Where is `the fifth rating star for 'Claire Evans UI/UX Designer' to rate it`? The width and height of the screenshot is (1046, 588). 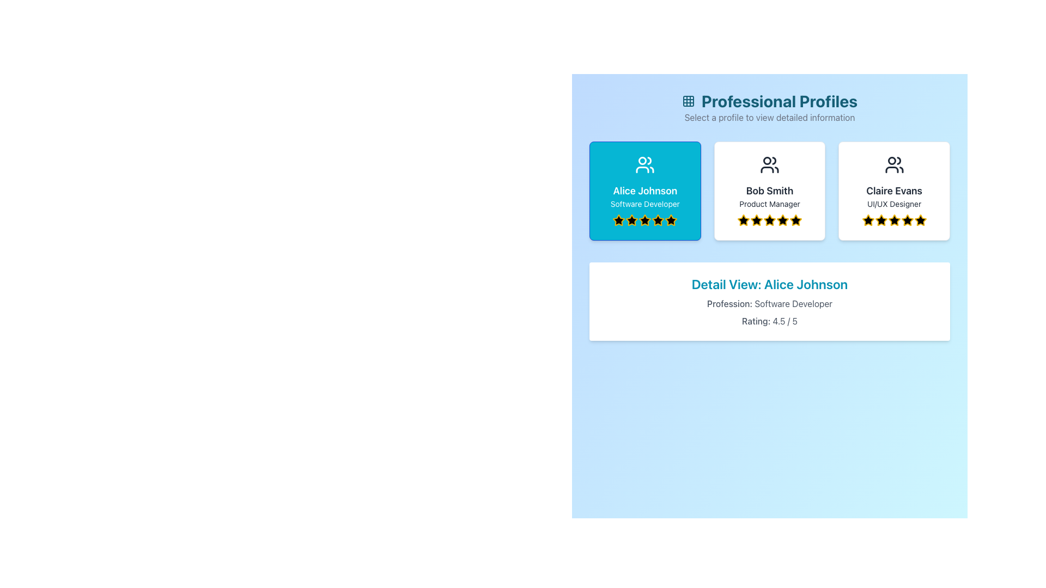 the fifth rating star for 'Claire Evans UI/UX Designer' to rate it is located at coordinates (867, 220).